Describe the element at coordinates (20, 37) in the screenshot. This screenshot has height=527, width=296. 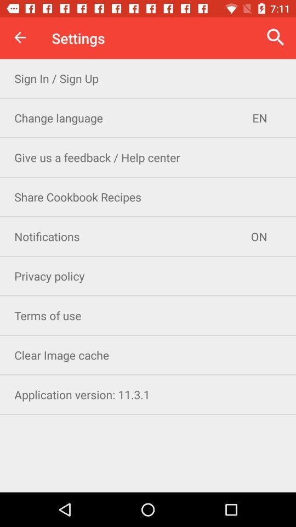
I see `item above sign in sign` at that location.